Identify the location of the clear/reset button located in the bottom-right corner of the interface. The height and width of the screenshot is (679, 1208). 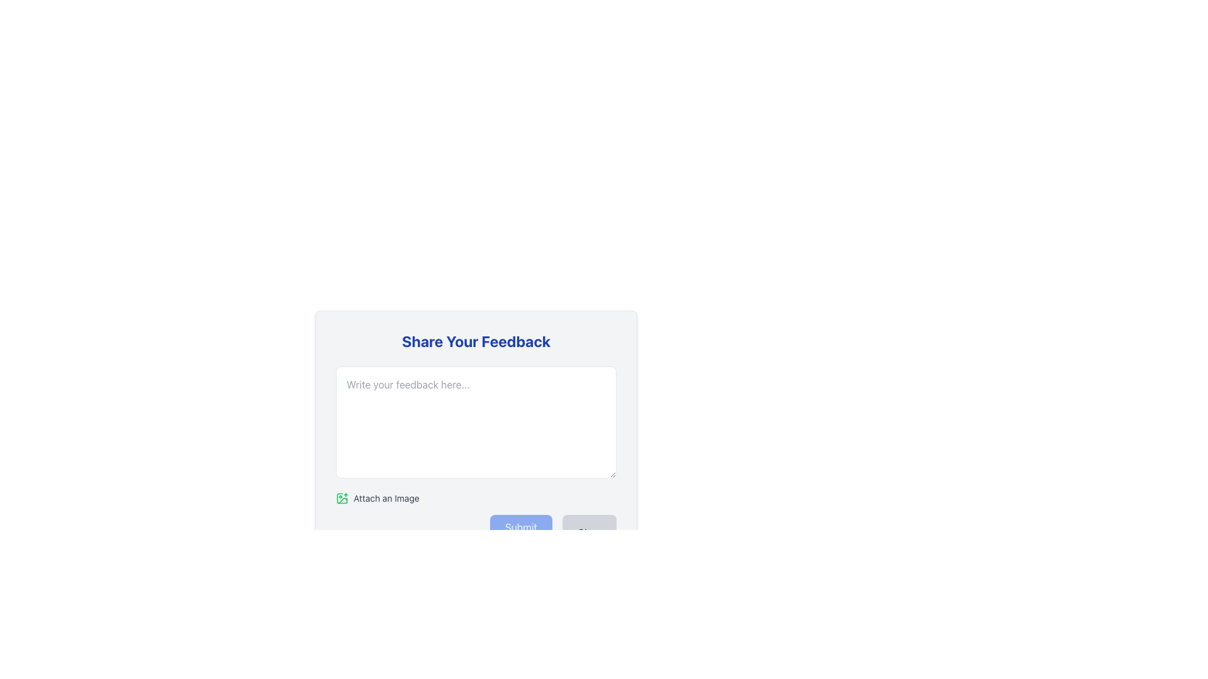
(588, 533).